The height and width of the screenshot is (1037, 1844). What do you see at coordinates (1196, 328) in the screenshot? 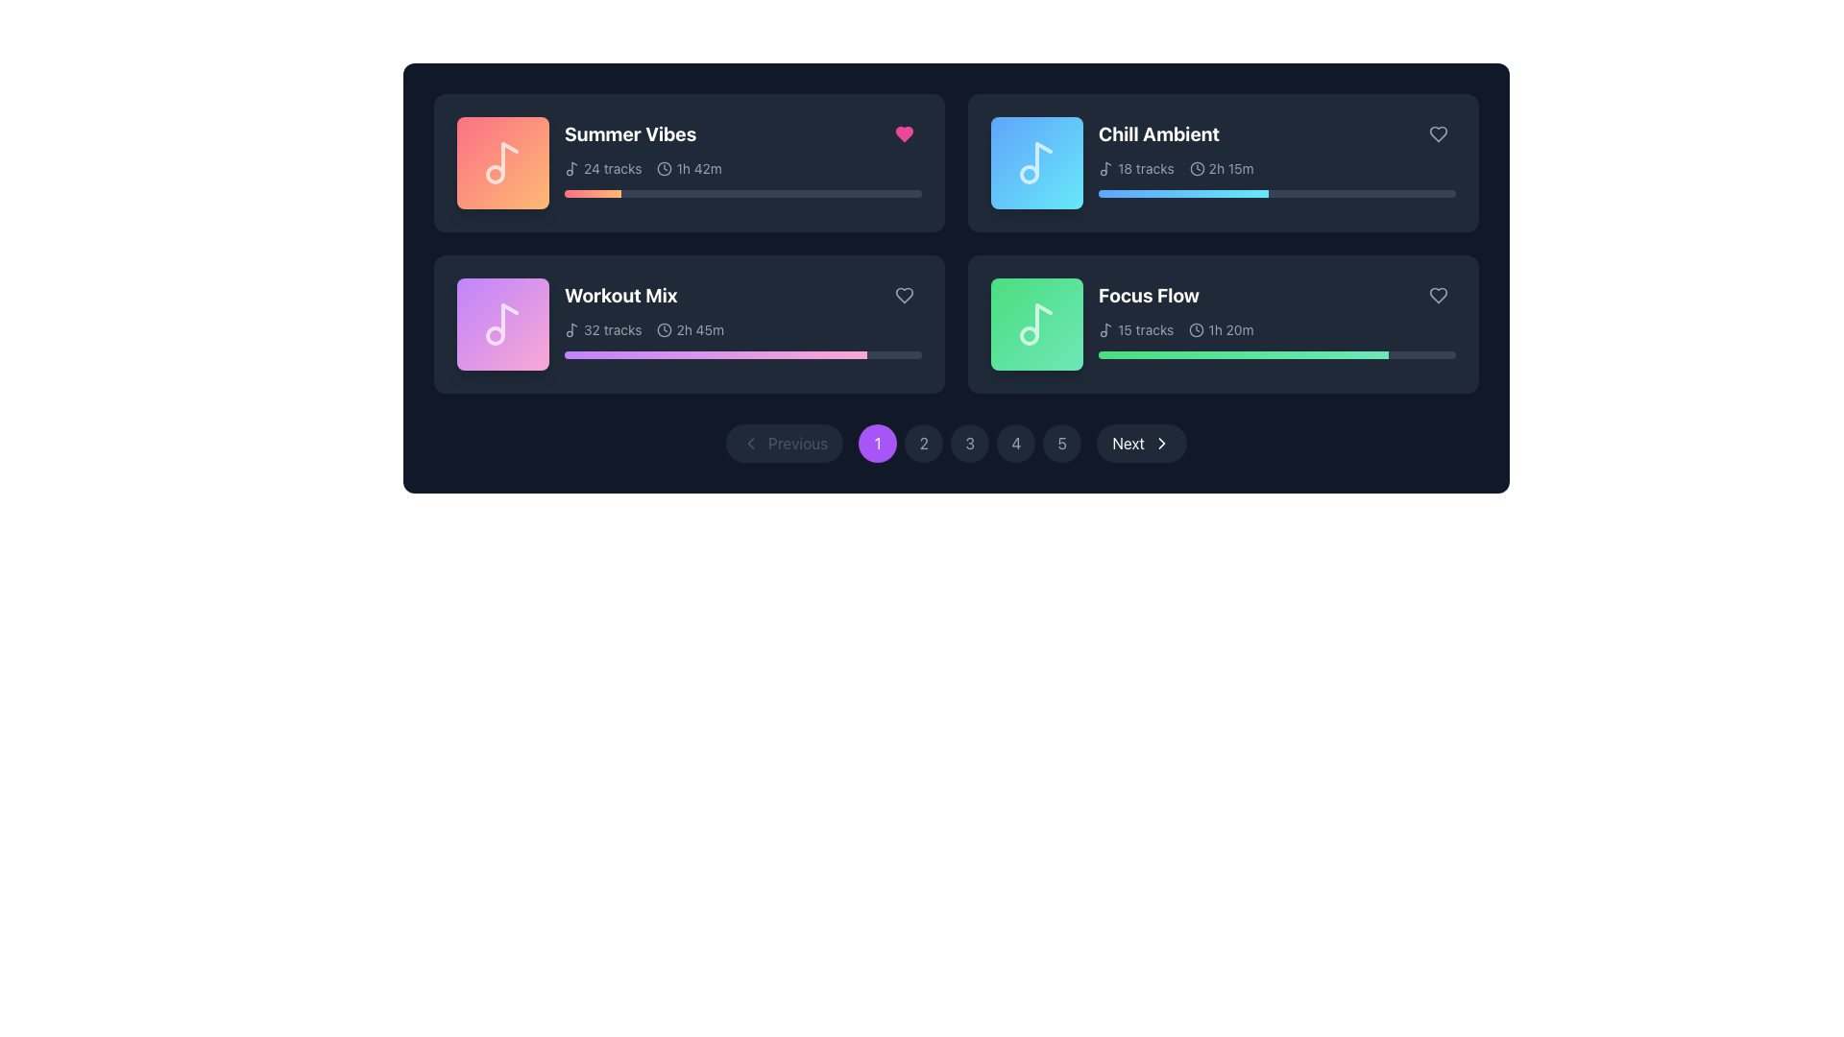
I see `the time indicator icon located to the left of the '1h 20m' text in the bottom-right card labeled 'Focus Flow'` at bounding box center [1196, 328].